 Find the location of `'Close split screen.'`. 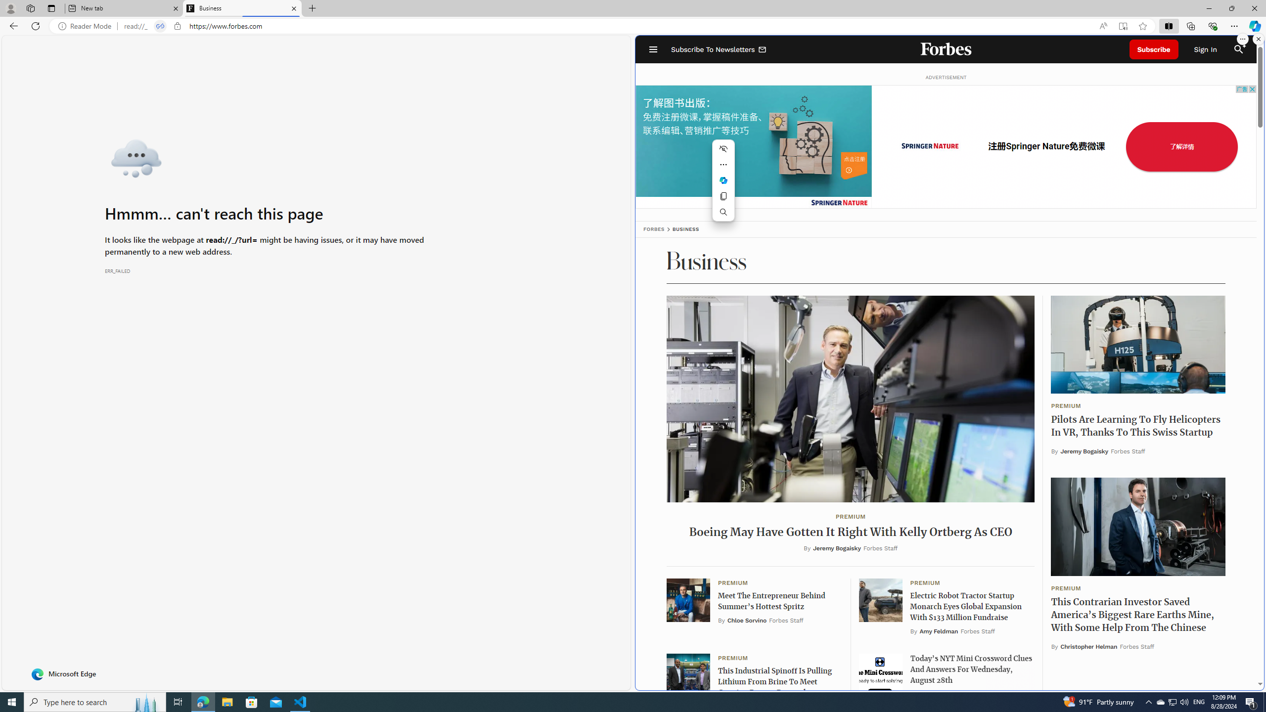

'Close split screen.' is located at coordinates (1258, 39).